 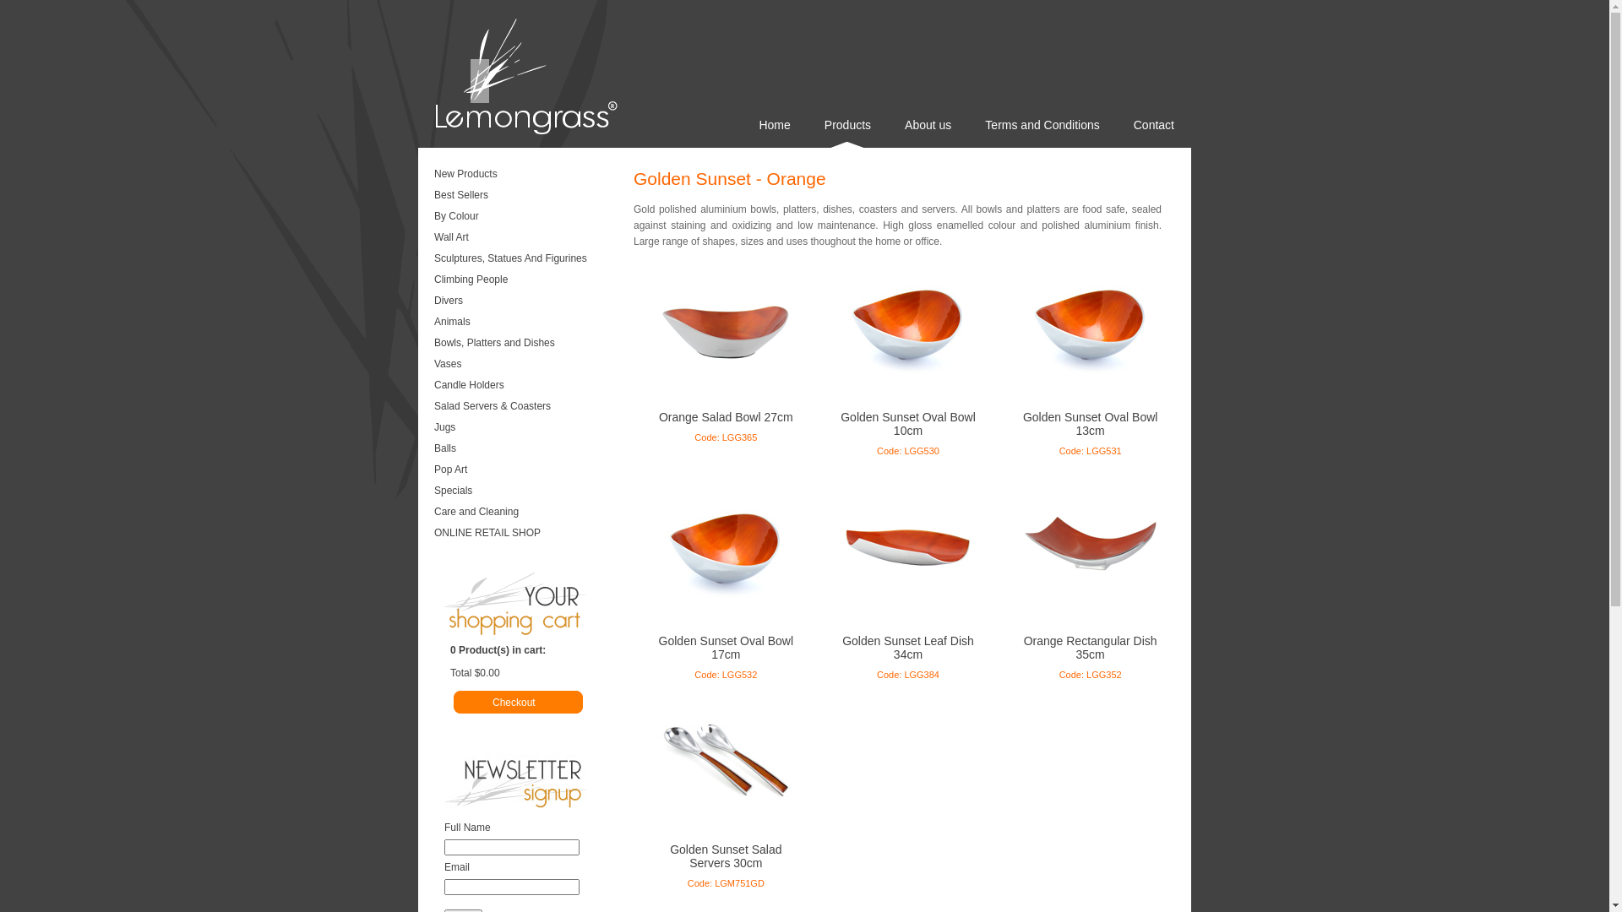 I want to click on 'New Products', so click(x=430, y=176).